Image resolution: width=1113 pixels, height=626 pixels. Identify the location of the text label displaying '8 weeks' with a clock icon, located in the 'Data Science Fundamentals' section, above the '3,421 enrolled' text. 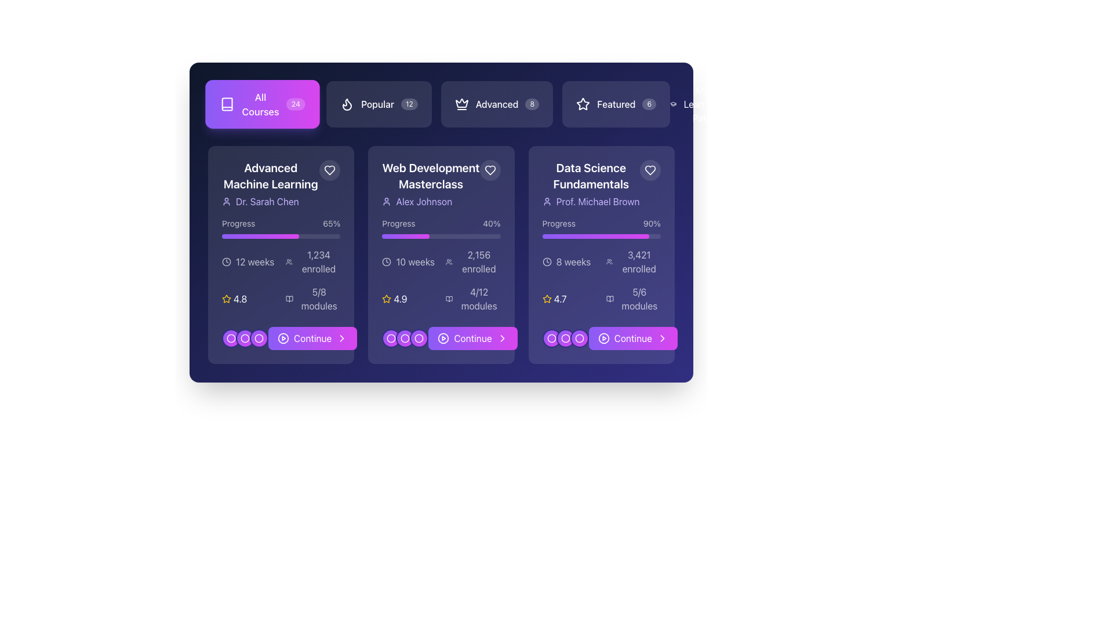
(569, 261).